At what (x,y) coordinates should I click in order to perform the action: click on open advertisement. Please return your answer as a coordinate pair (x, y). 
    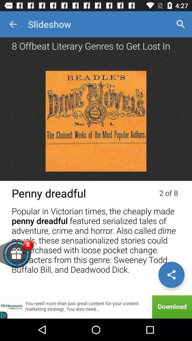
    Looking at the image, I should click on (96, 307).